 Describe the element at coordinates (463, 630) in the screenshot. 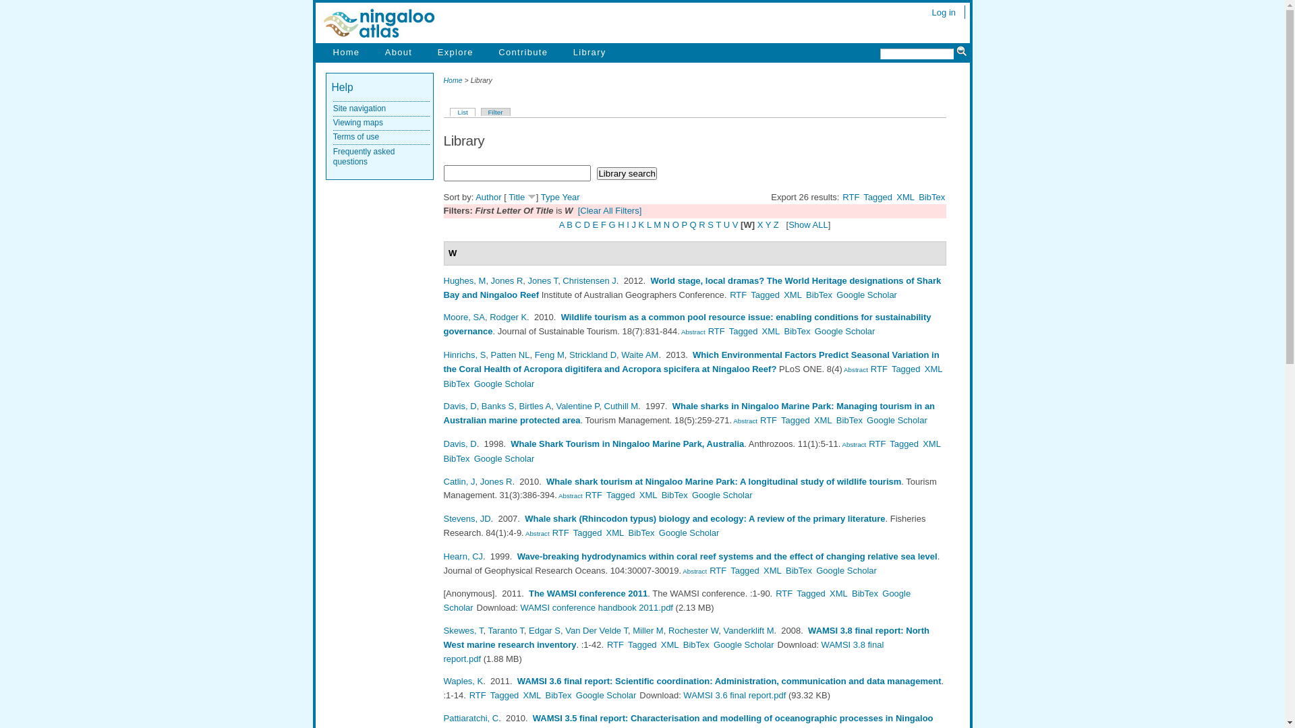

I see `'Skewes, T'` at that location.